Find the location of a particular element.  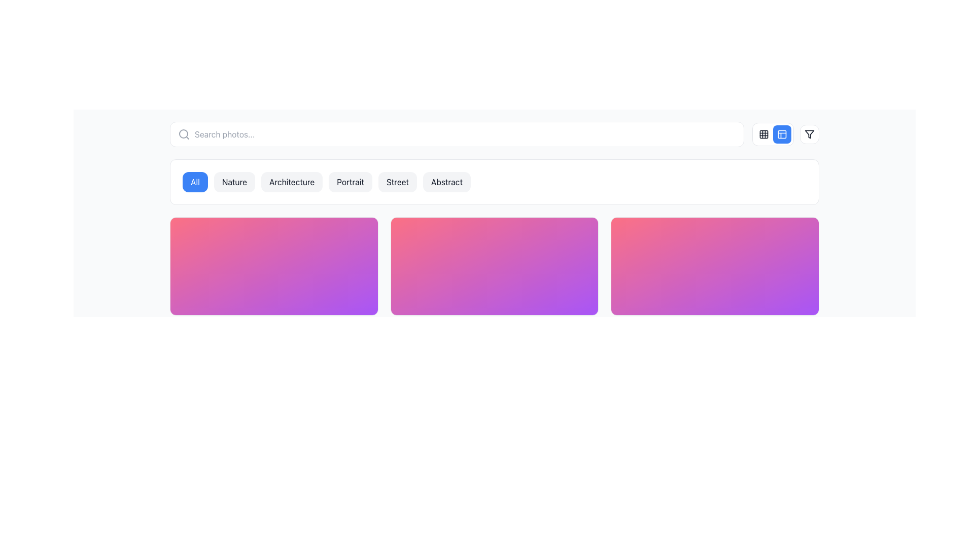

the Icon button located in the top-right corner of the main interface is located at coordinates (809, 134).